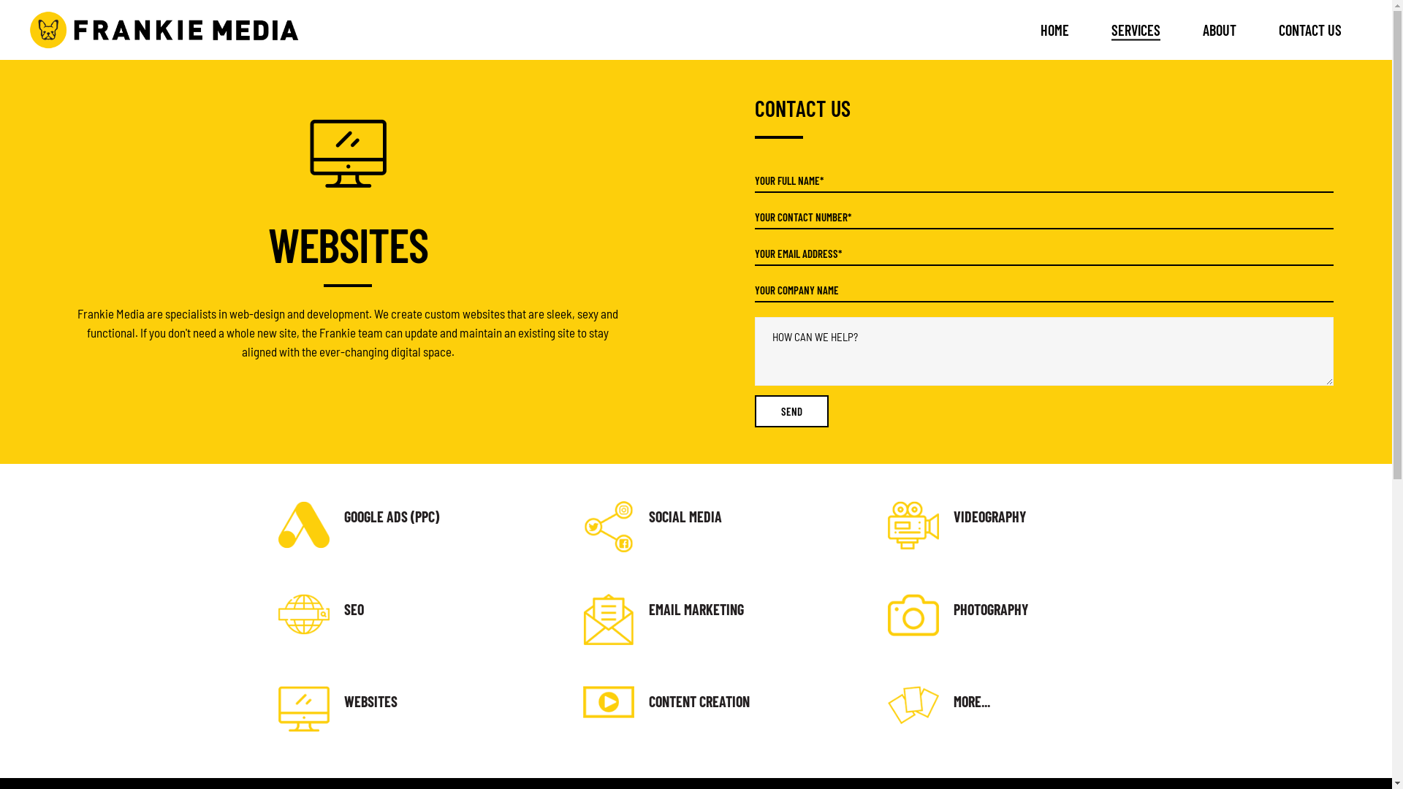  What do you see at coordinates (790, 411) in the screenshot?
I see `'SEND'` at bounding box center [790, 411].